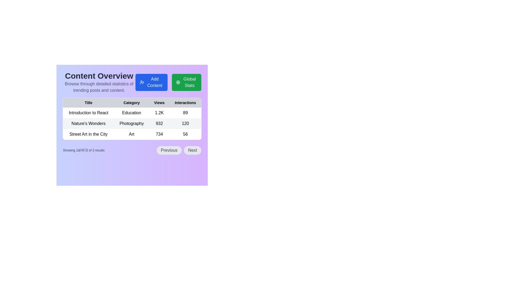 The image size is (514, 289). What do you see at coordinates (159, 103) in the screenshot?
I see `the 'Views' column header, which is the third column in a four-column table, indicating the count of views for the content below` at bounding box center [159, 103].